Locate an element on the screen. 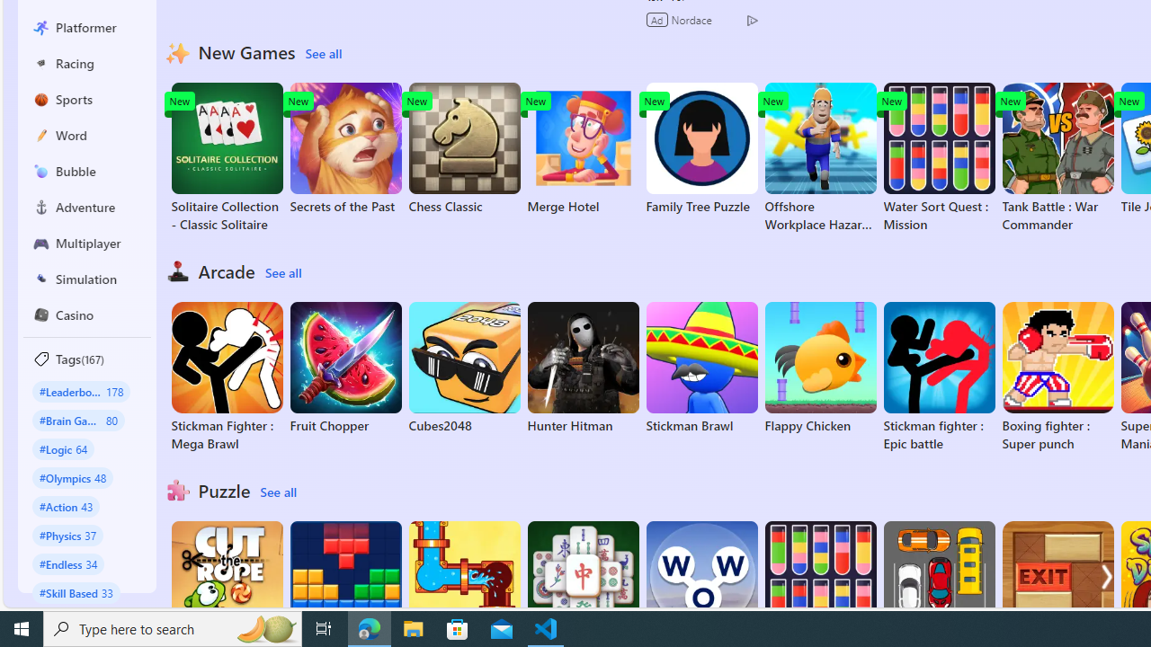  'Fruit Chopper' is located at coordinates (345, 368).